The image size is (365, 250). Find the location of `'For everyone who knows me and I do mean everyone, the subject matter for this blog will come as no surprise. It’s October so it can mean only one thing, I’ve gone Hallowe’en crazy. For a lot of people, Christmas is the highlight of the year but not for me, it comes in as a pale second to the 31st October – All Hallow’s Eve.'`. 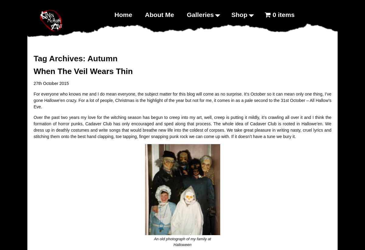

'For everyone who knows me and I do mean everyone, the subject matter for this blog will come as no surprise. It’s October so it can mean only one thing, I’ve gone Hallowe’en crazy. For a lot of people, Christmas is the highlight of the year but not for me, it comes in as a pale second to the 31st October – All Hallow’s Eve.' is located at coordinates (182, 100).